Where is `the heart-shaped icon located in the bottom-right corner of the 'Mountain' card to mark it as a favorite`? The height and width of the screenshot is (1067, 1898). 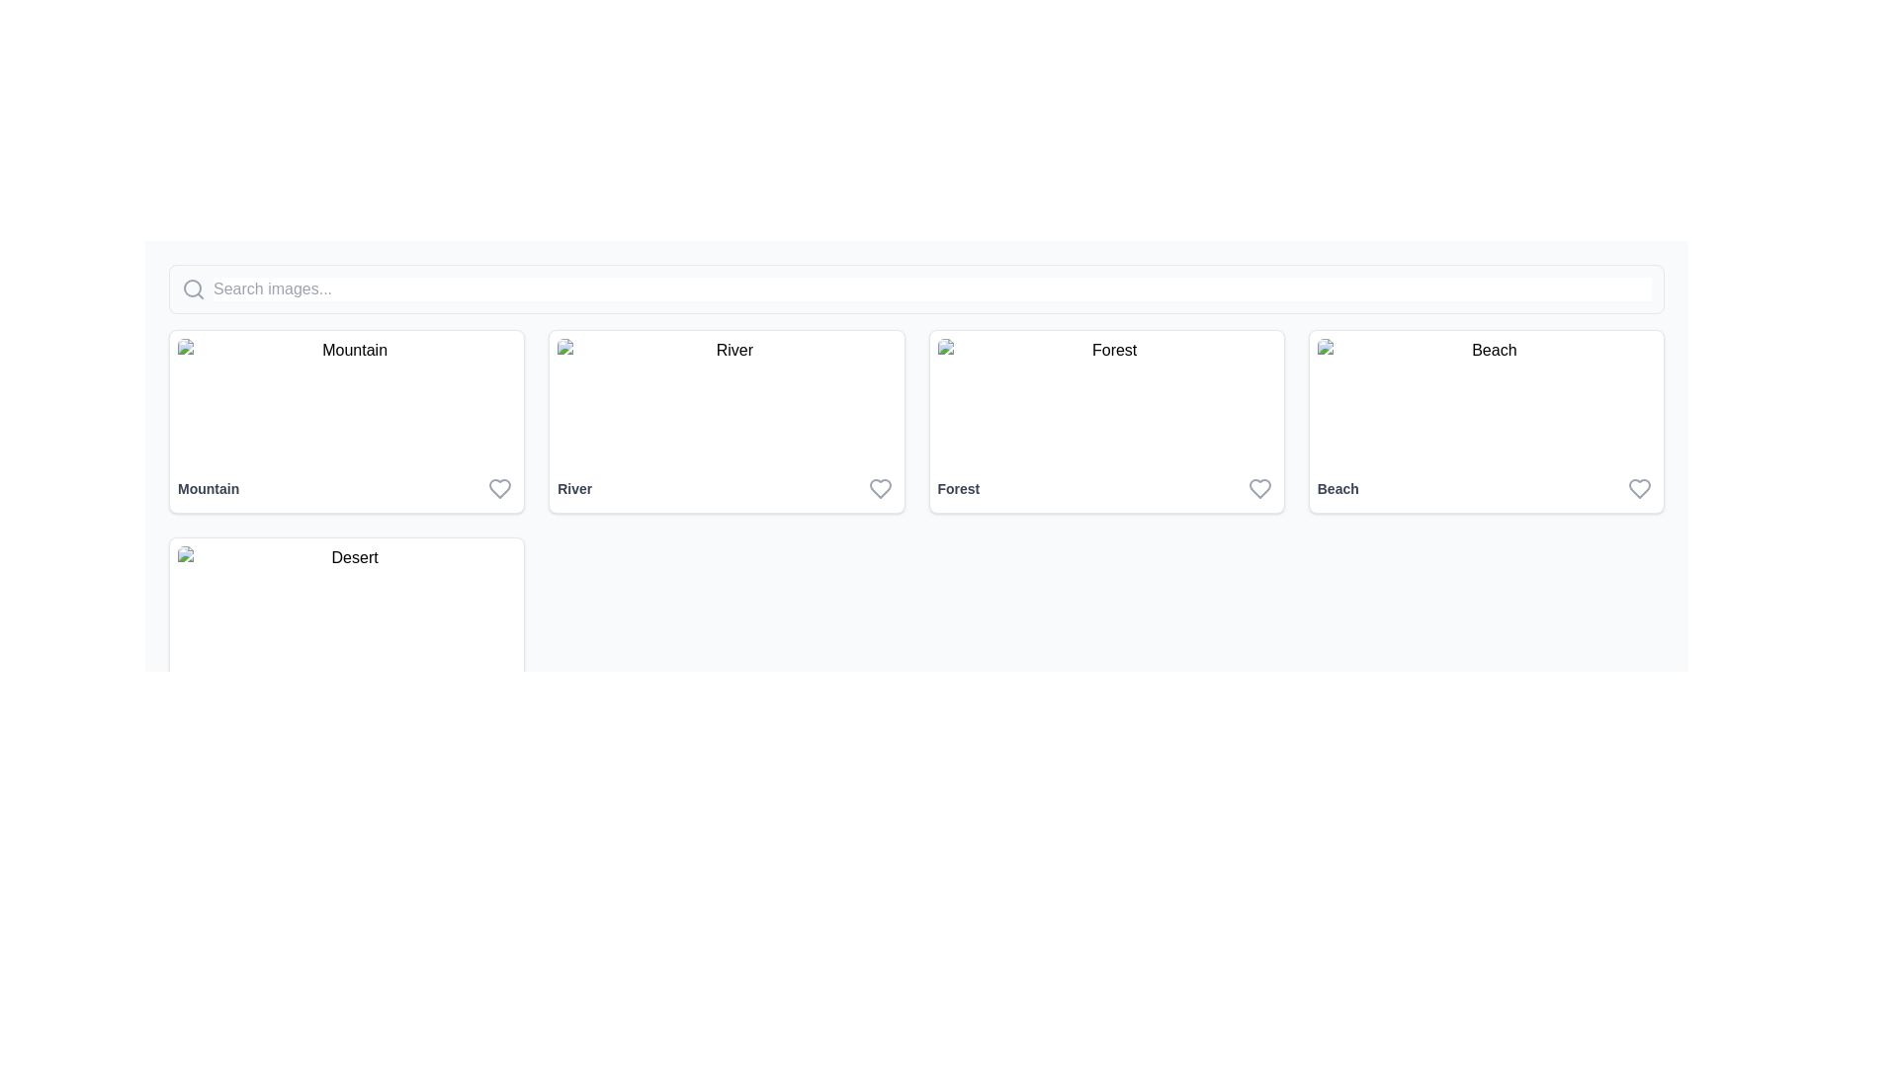
the heart-shaped icon located in the bottom-right corner of the 'Mountain' card to mark it as a favorite is located at coordinates (500, 488).